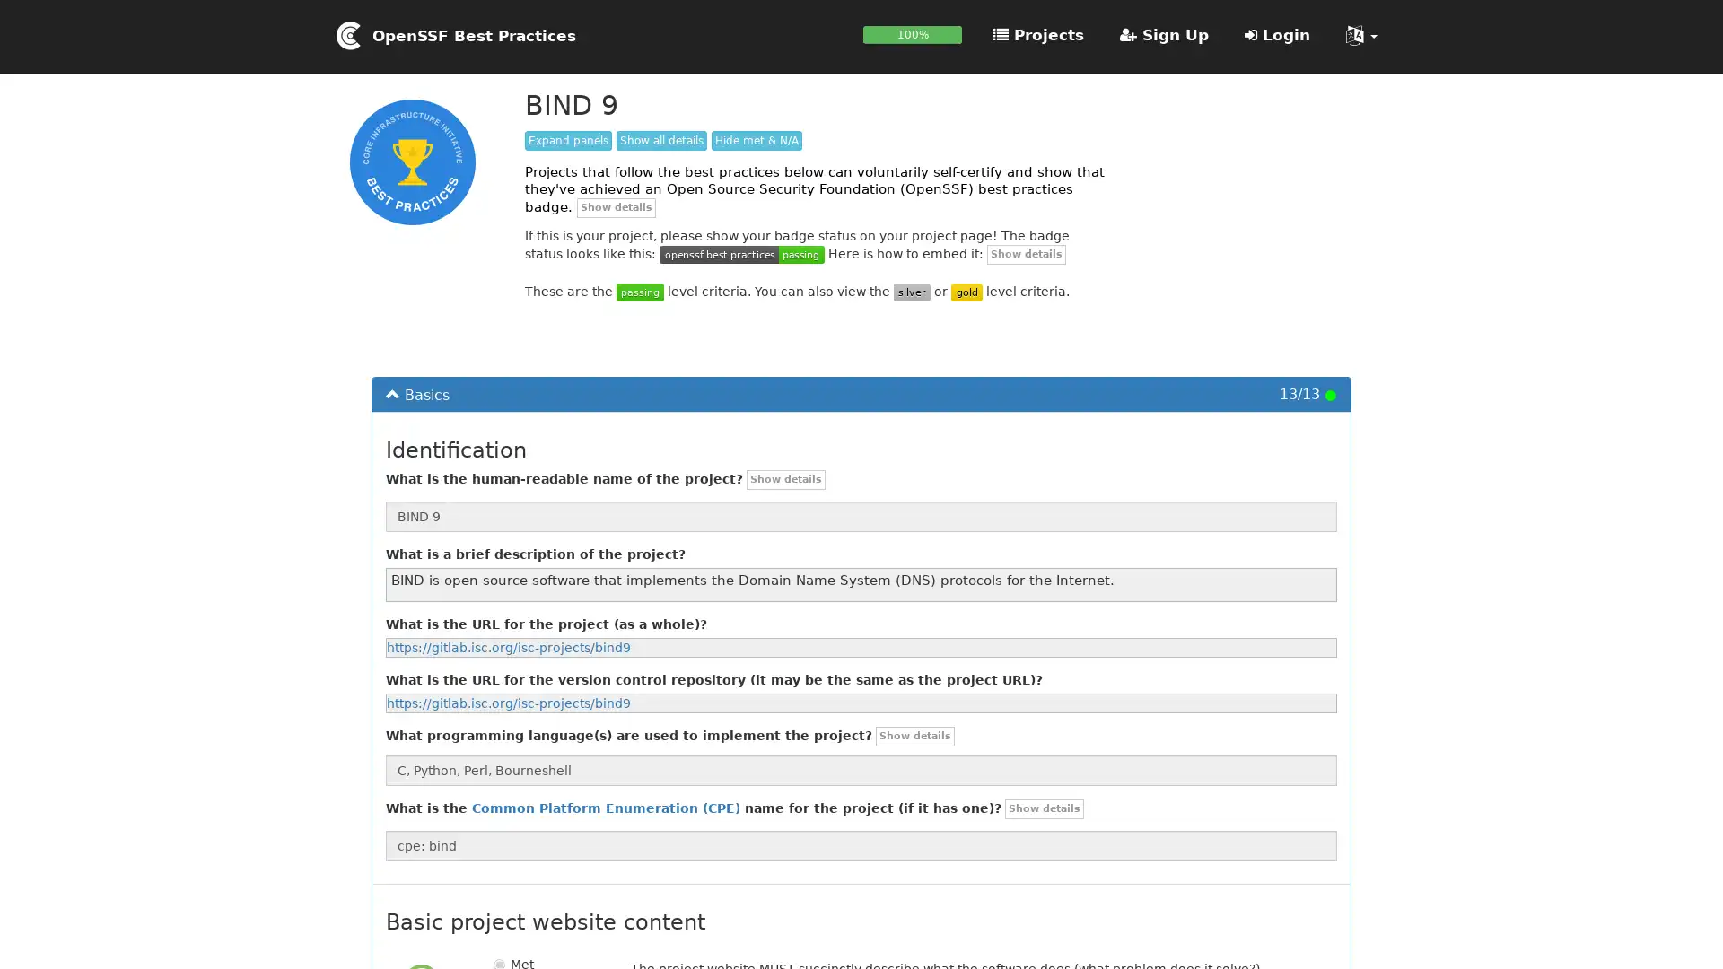 The height and width of the screenshot is (969, 1723). I want to click on Show details, so click(914, 737).